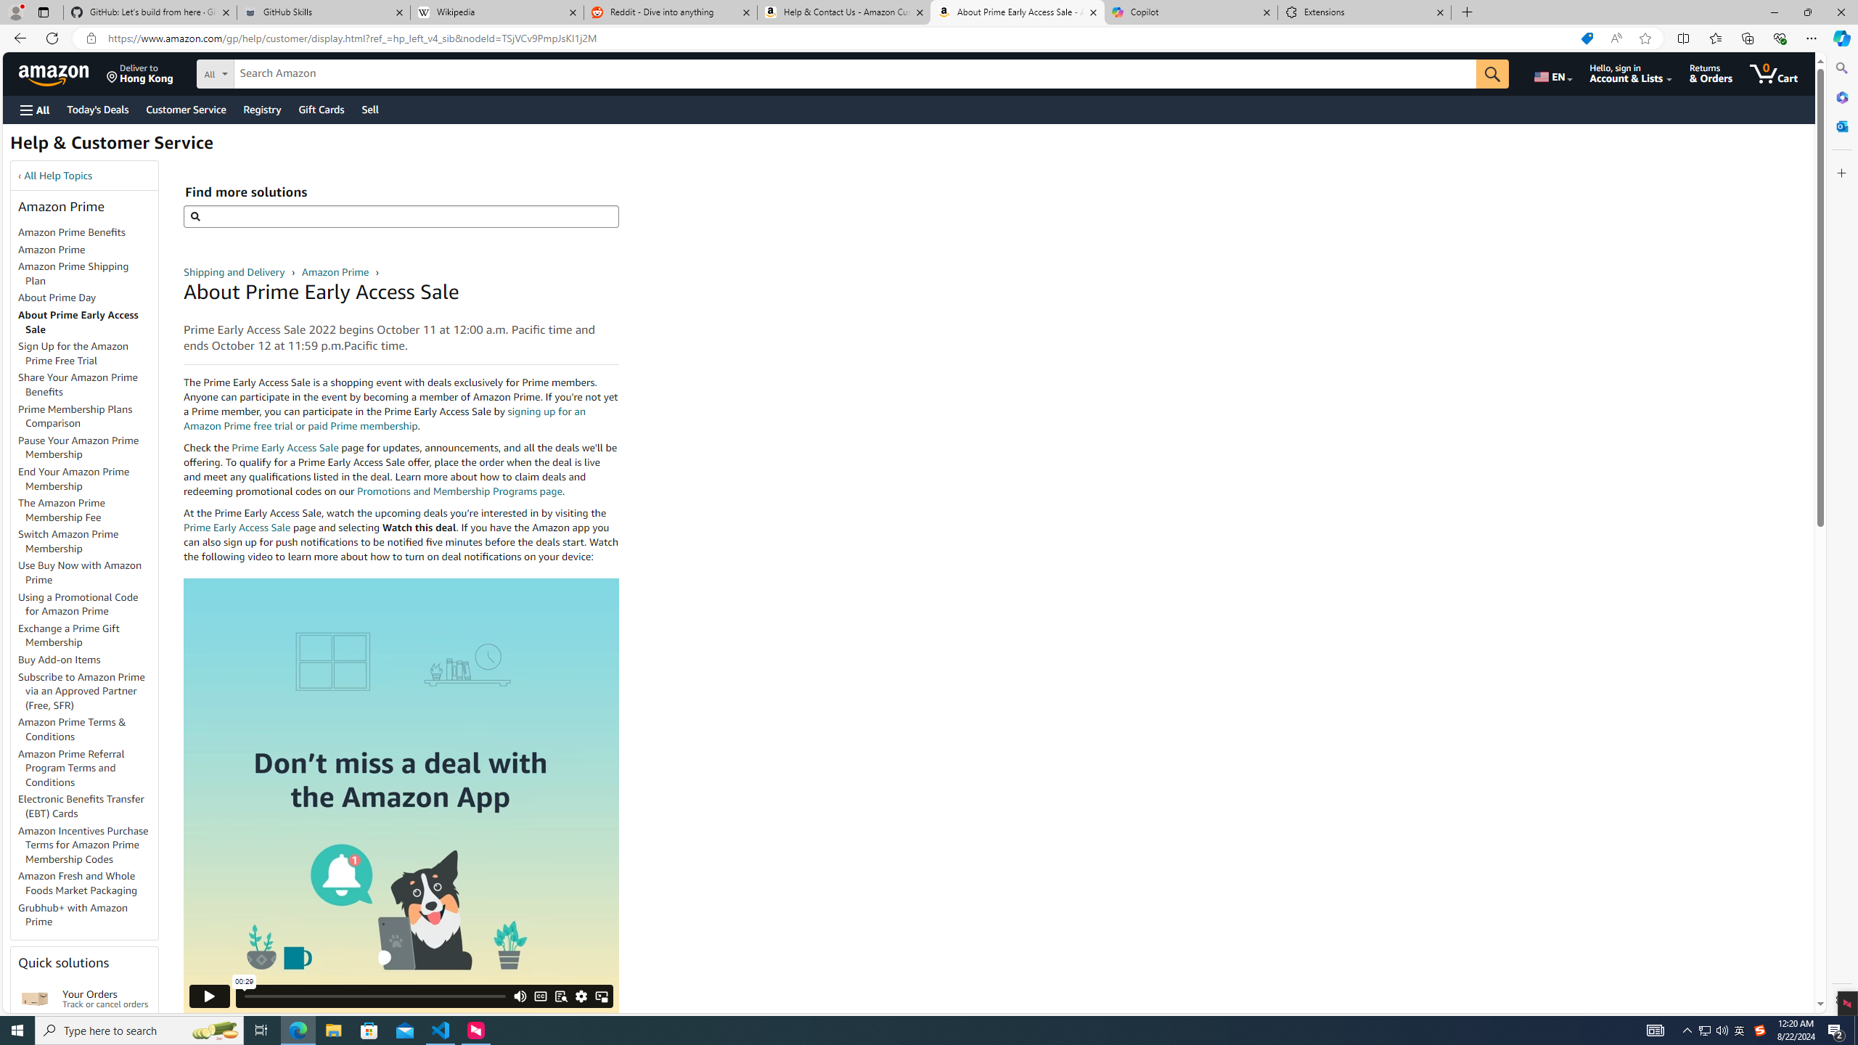 This screenshot has height=1045, width=1858. What do you see at coordinates (1551, 73) in the screenshot?
I see `'Choose a language for shopping.'` at bounding box center [1551, 73].